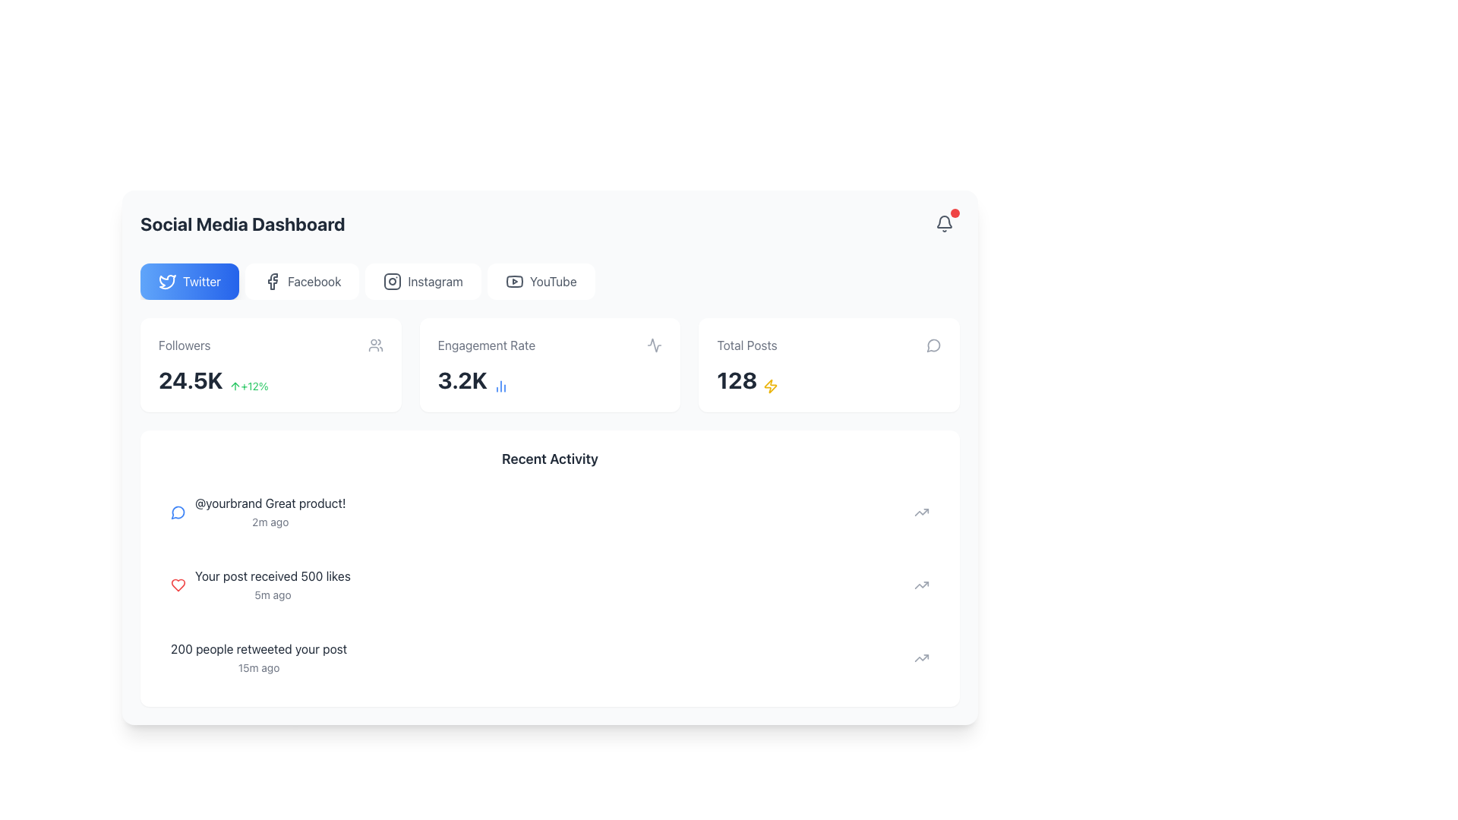 This screenshot has height=820, width=1458. I want to click on the topmost activity in the 'Recent Activity' section of the dashboard that displays a recent user interaction or comment, which includes the username, feedback, and timestamp, so click(270, 512).